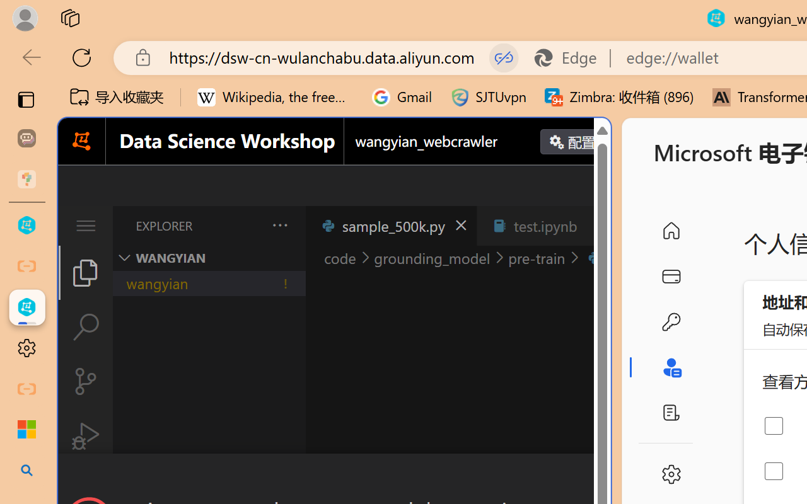 The image size is (807, 504). I want to click on 'sample_500k.py', so click(390, 226).